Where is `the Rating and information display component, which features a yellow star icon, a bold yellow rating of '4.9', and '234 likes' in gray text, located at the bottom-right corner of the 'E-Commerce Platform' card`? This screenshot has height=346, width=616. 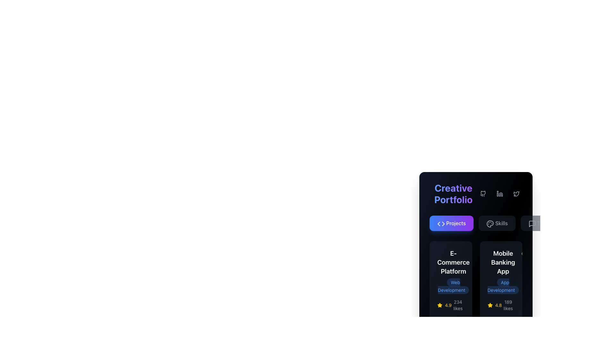 the Rating and information display component, which features a yellow star icon, a bold yellow rating of '4.9', and '234 likes' in gray text, located at the bottom-right corner of the 'E-Commerce Platform' card is located at coordinates (450, 305).